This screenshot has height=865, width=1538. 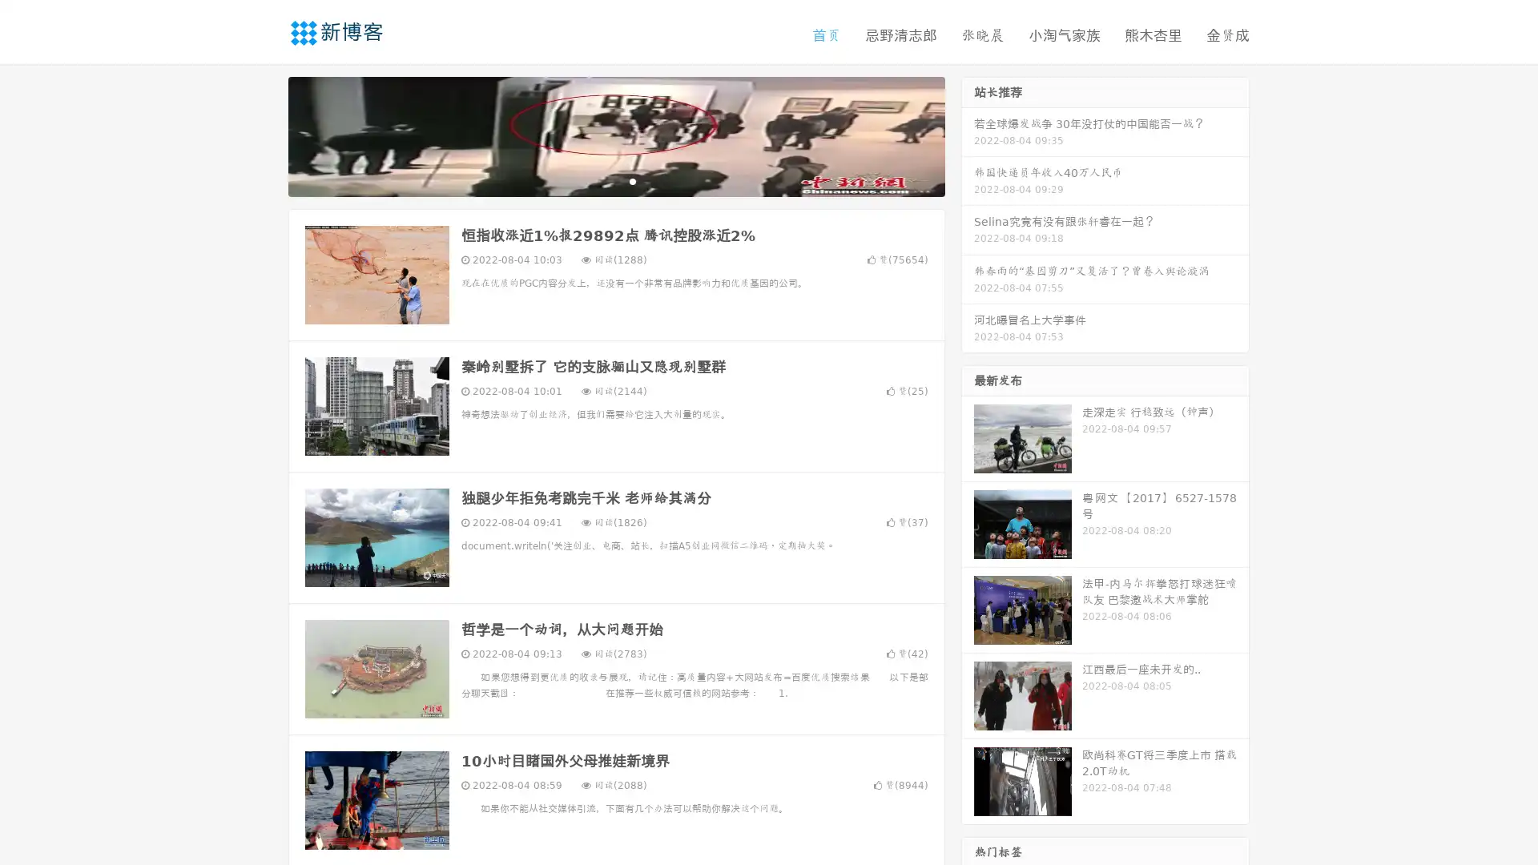 I want to click on Next slide, so click(x=968, y=135).